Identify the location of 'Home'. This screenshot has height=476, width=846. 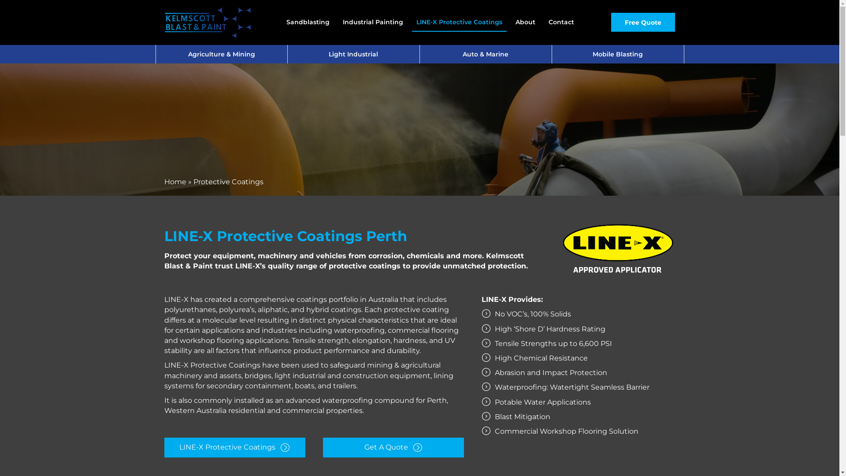
(175, 181).